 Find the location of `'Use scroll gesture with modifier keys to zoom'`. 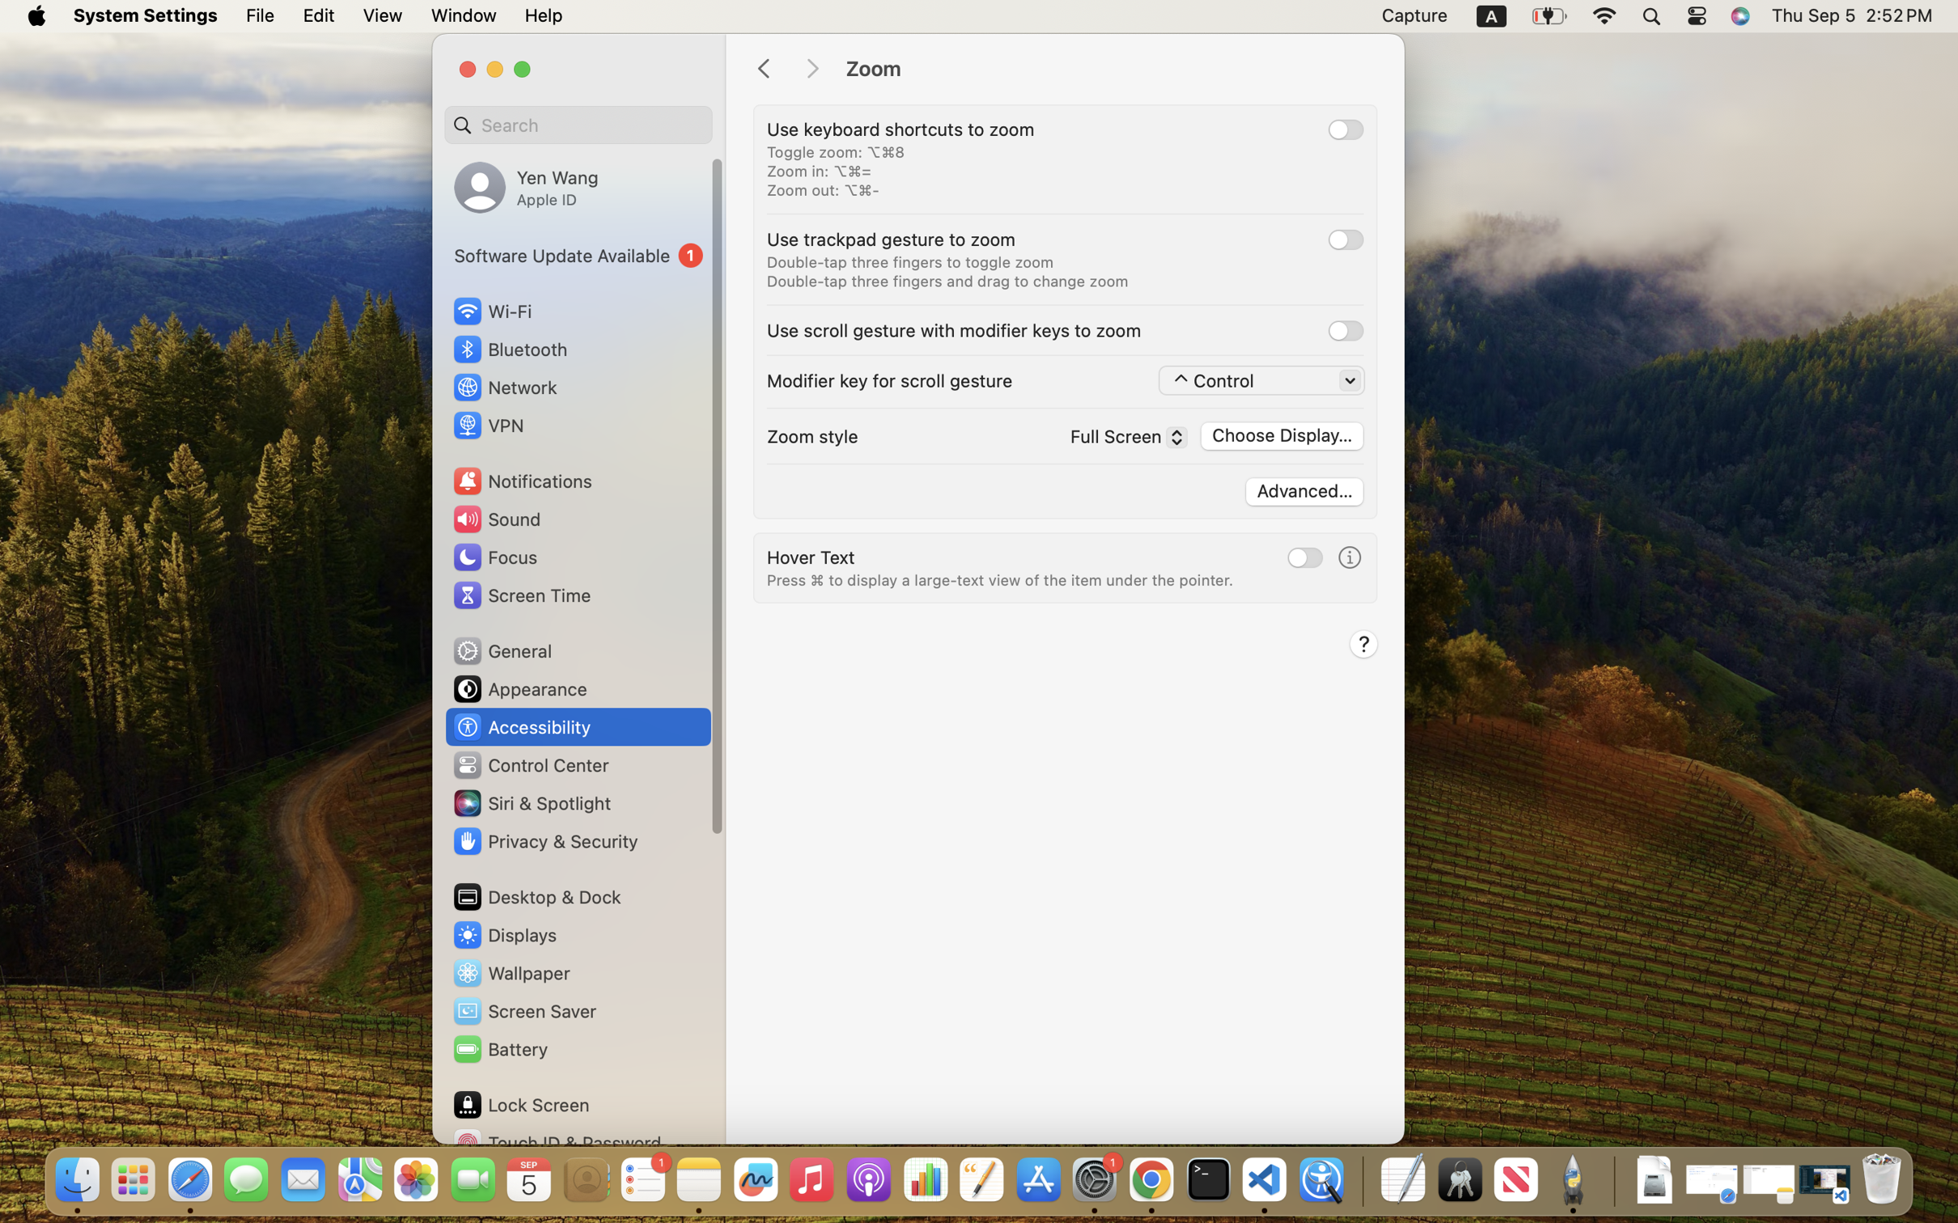

'Use scroll gesture with modifier keys to zoom' is located at coordinates (953, 329).